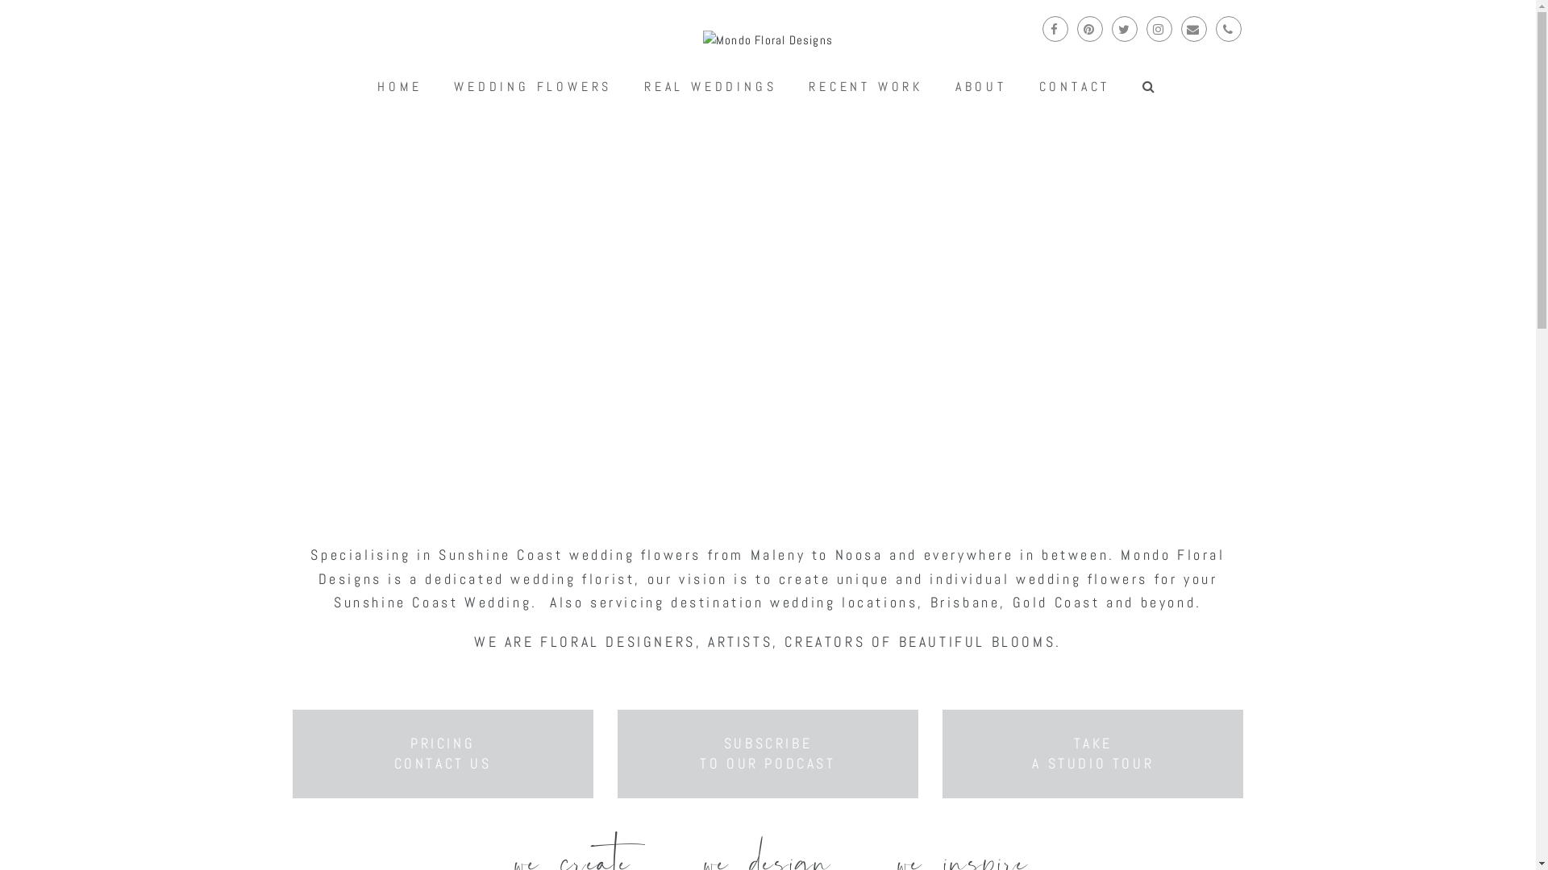 This screenshot has width=1548, height=870. Describe the element at coordinates (1075, 87) in the screenshot. I see `'CONTACT'` at that location.